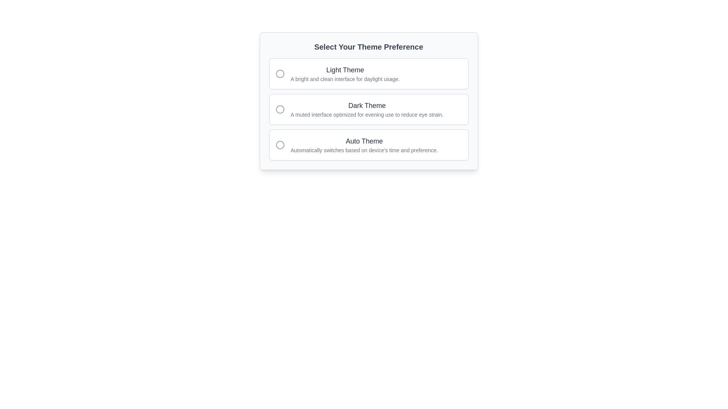  Describe the element at coordinates (279, 74) in the screenshot. I see `the circular graphical component part of the SVG graphic, which serves as a visual marker for the thematic selection options to the left of the 'Light Theme' label` at that location.